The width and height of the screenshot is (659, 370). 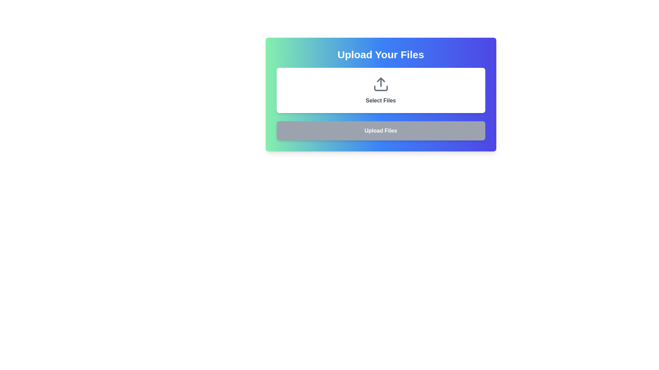 What do you see at coordinates (380, 100) in the screenshot?
I see `the text label indicating the action for selecting files, which is located beneath the upload icon and above the 'Upload Files' button` at bounding box center [380, 100].